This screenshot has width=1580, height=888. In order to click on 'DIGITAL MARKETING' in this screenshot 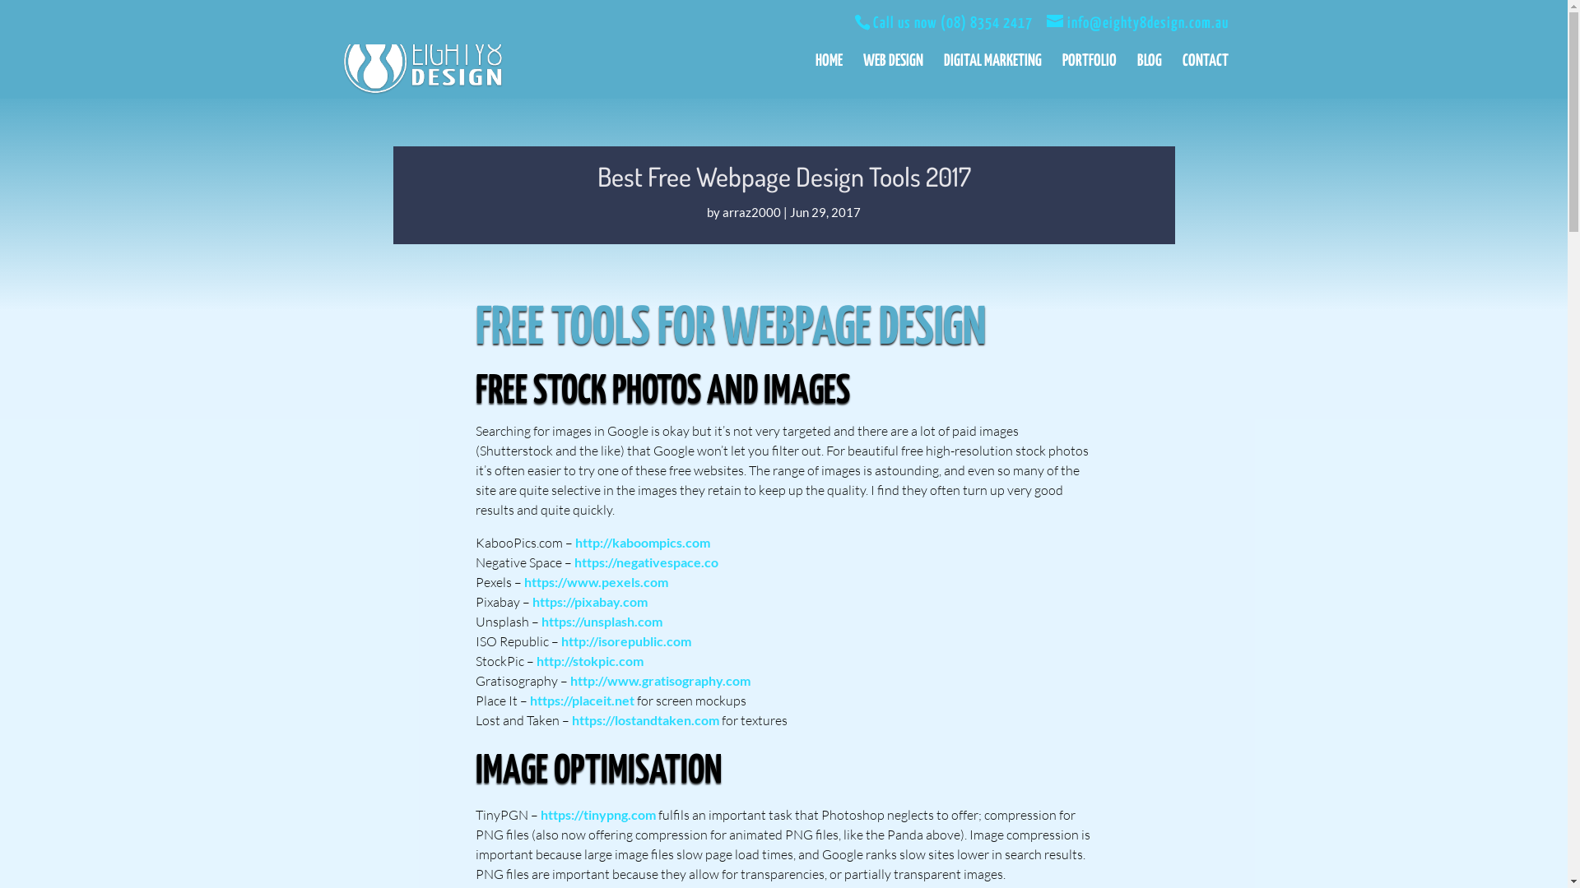, I will do `click(991, 76)`.